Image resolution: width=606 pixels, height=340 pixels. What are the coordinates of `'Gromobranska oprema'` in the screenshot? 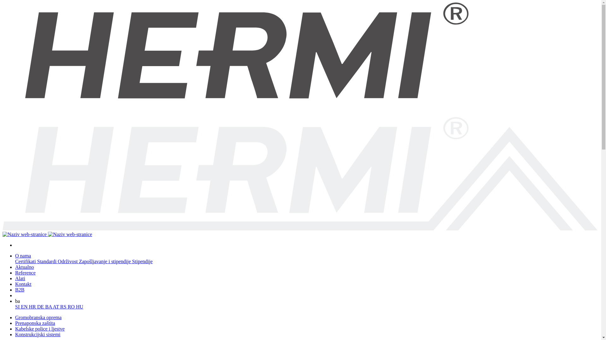 It's located at (15, 317).